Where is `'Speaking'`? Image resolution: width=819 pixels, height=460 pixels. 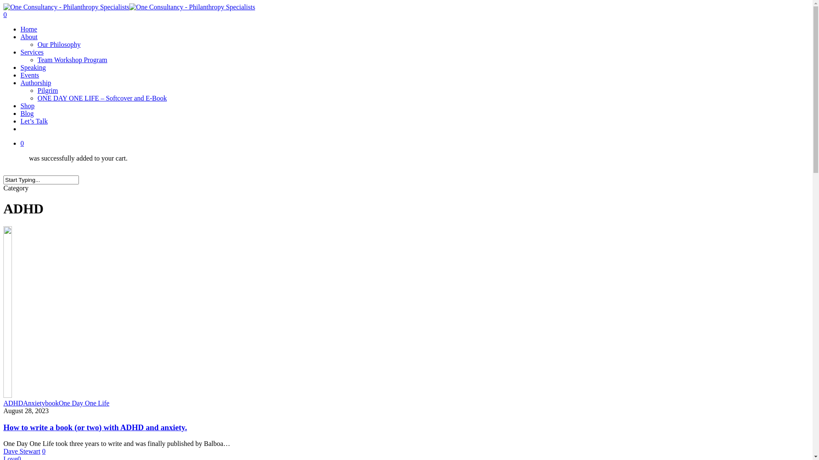 'Speaking' is located at coordinates (33, 67).